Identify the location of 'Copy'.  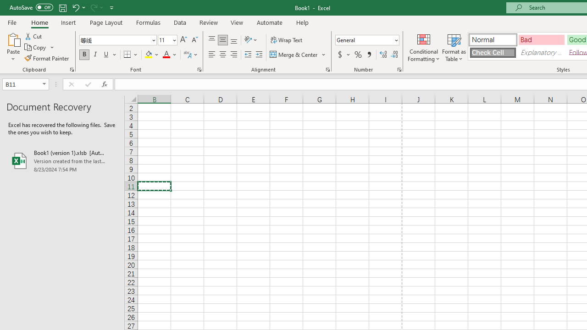
(36, 47).